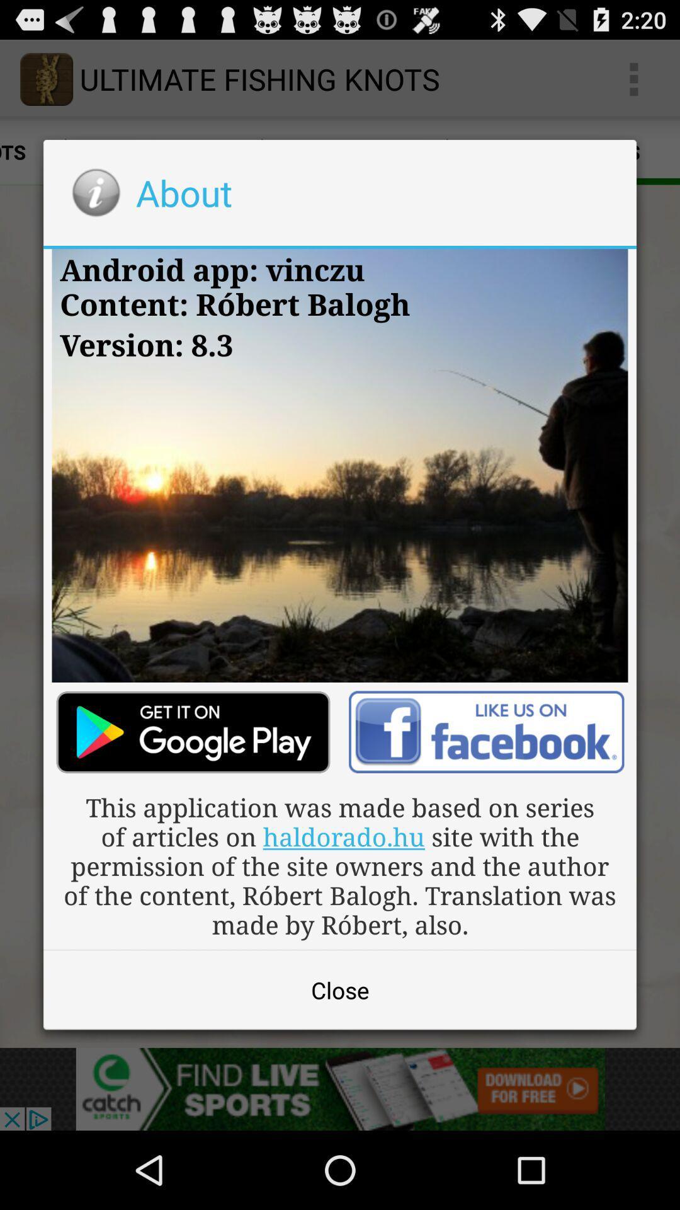  Describe the element at coordinates (193, 732) in the screenshot. I see `turn to google play` at that location.